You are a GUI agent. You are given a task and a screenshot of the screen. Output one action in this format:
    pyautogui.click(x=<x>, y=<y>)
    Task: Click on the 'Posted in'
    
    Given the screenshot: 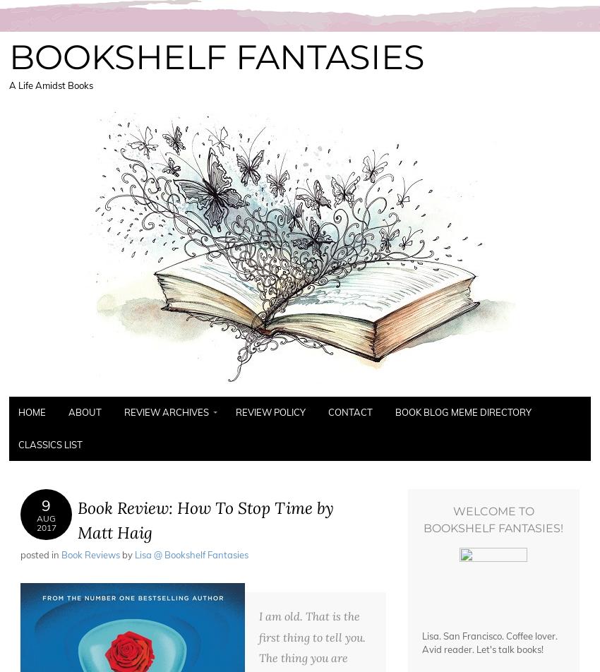 What is the action you would take?
    pyautogui.click(x=40, y=554)
    